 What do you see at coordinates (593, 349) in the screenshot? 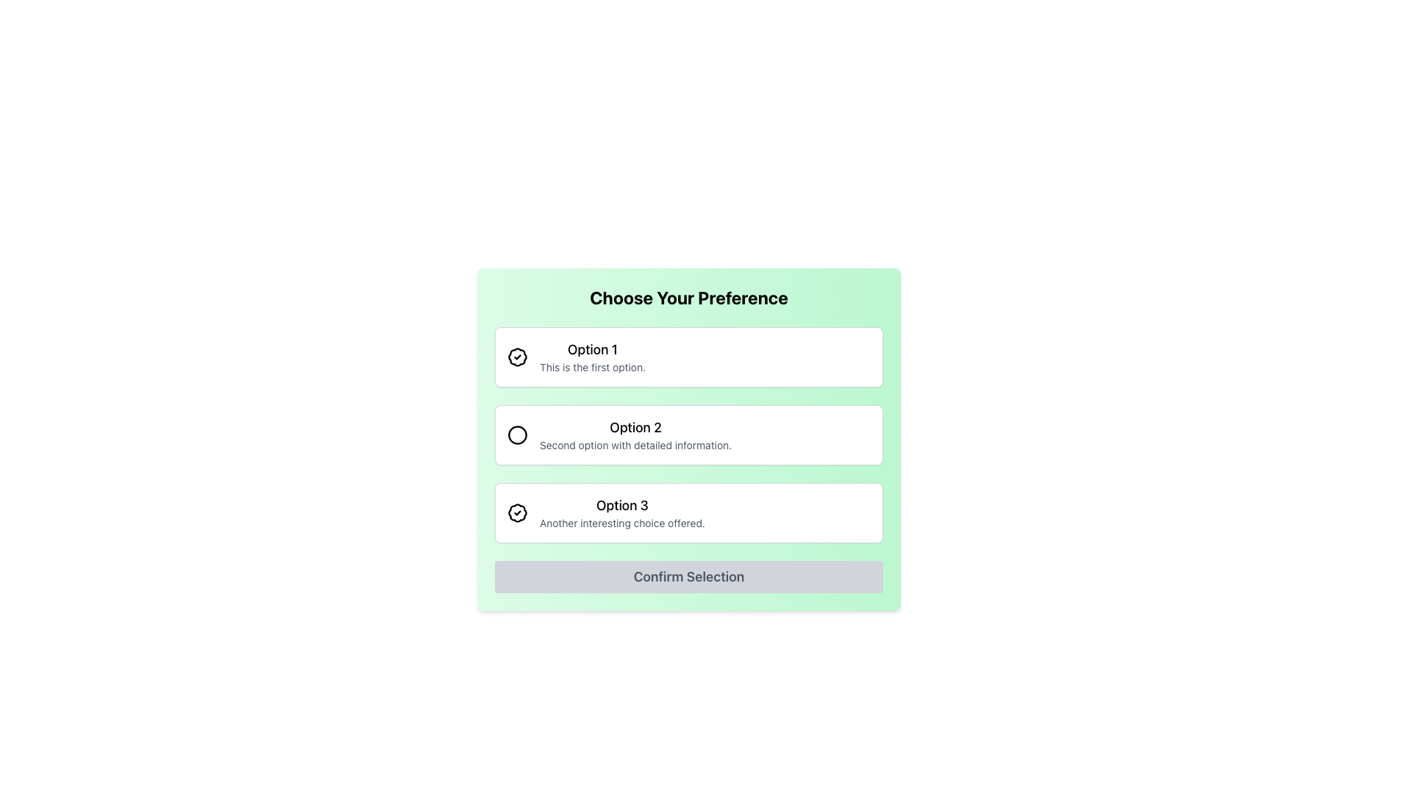
I see `the static text label 'Option 1', which is presented in bold font and located inside the first option card of the green selection panel, below the title 'Choose Your Preference'` at bounding box center [593, 349].